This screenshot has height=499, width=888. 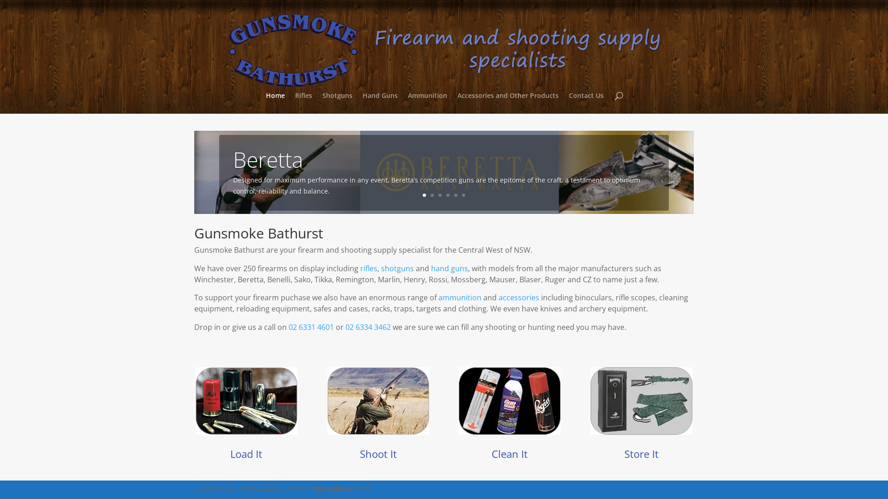 I want to click on 'Accessories and Other Products', so click(x=507, y=103).